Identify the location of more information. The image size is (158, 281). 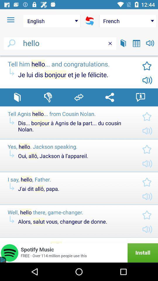
(140, 97).